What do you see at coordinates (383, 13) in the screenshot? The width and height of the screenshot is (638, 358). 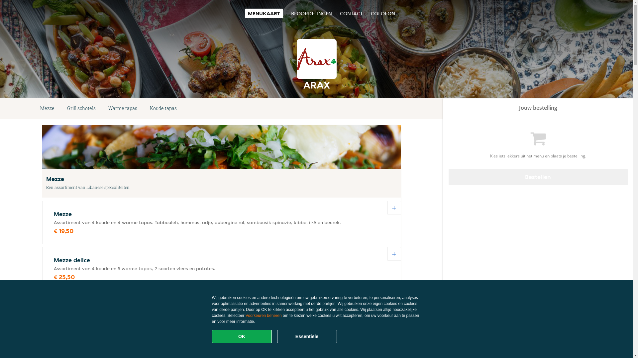 I see `'COLOFON'` at bounding box center [383, 13].